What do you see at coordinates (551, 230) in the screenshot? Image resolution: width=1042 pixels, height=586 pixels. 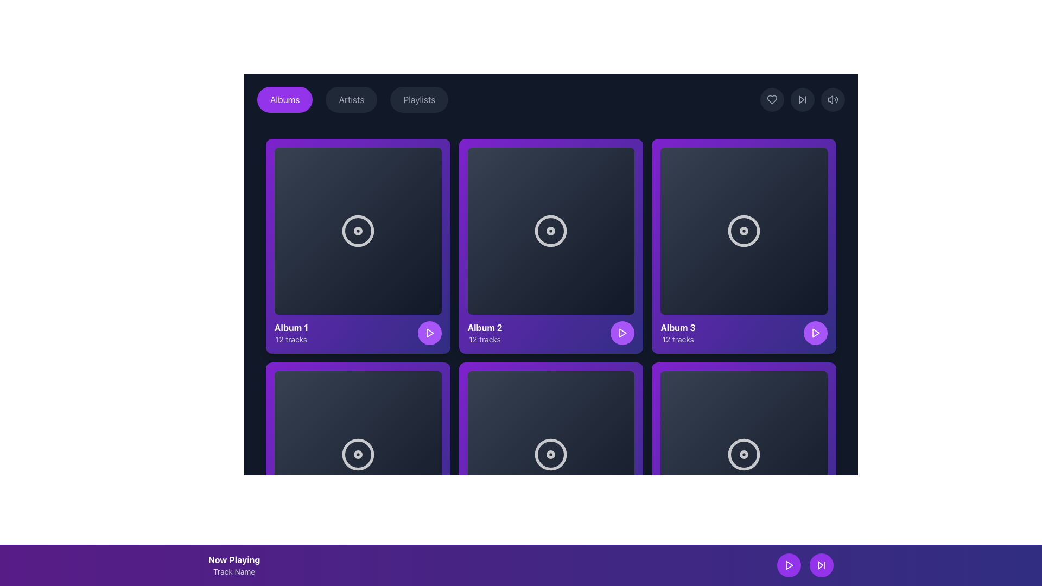 I see `the smaller inner circle of the decorative element within the second card labeled 'Album 2' in the first row of the grid layout` at bounding box center [551, 230].